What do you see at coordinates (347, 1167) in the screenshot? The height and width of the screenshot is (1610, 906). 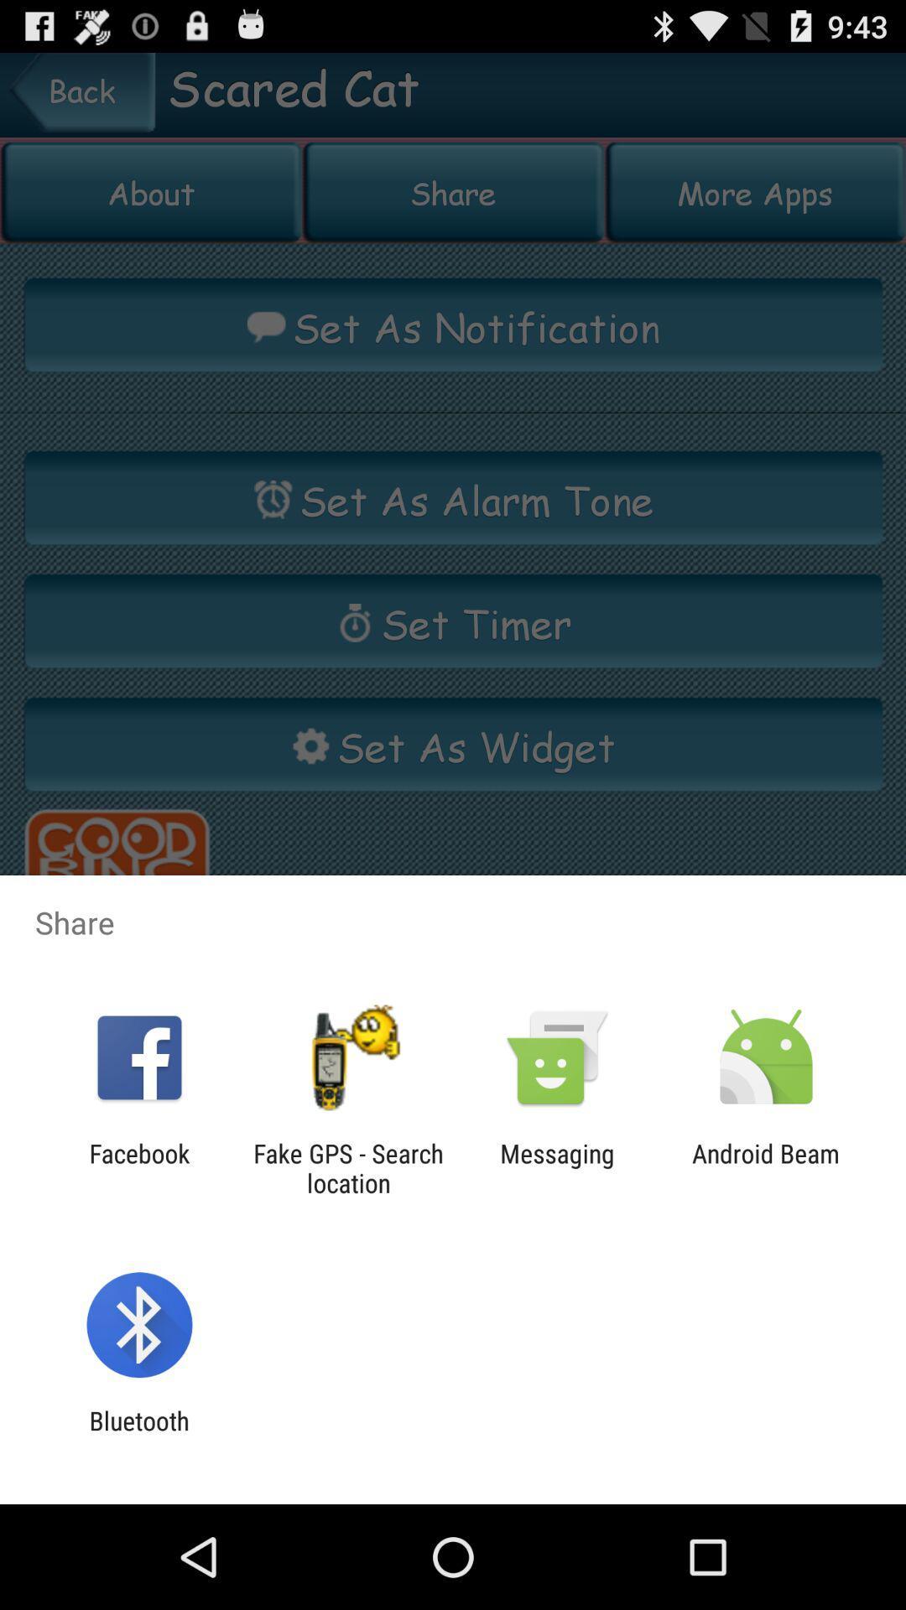 I see `the fake gps search` at bounding box center [347, 1167].